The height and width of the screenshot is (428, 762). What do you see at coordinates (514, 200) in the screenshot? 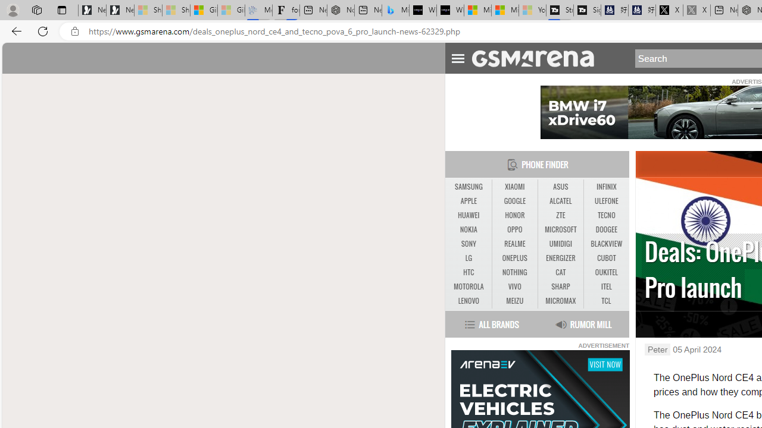
I see `'GOOGLE'` at bounding box center [514, 200].